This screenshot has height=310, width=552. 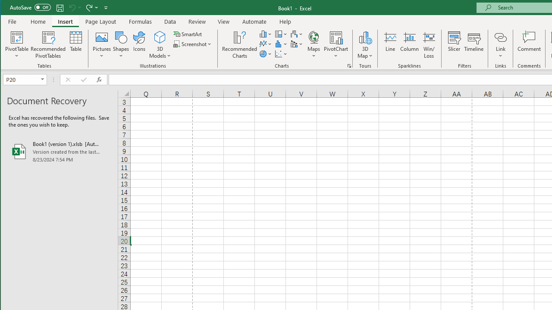 I want to click on 'Timeline', so click(x=473, y=45).